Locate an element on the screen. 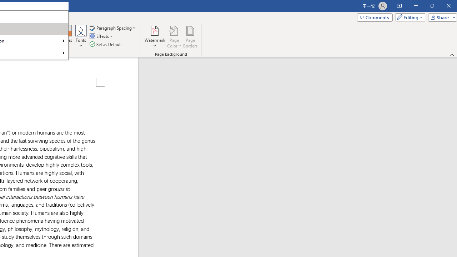 The width and height of the screenshot is (457, 257). 'Effects' is located at coordinates (101, 36).